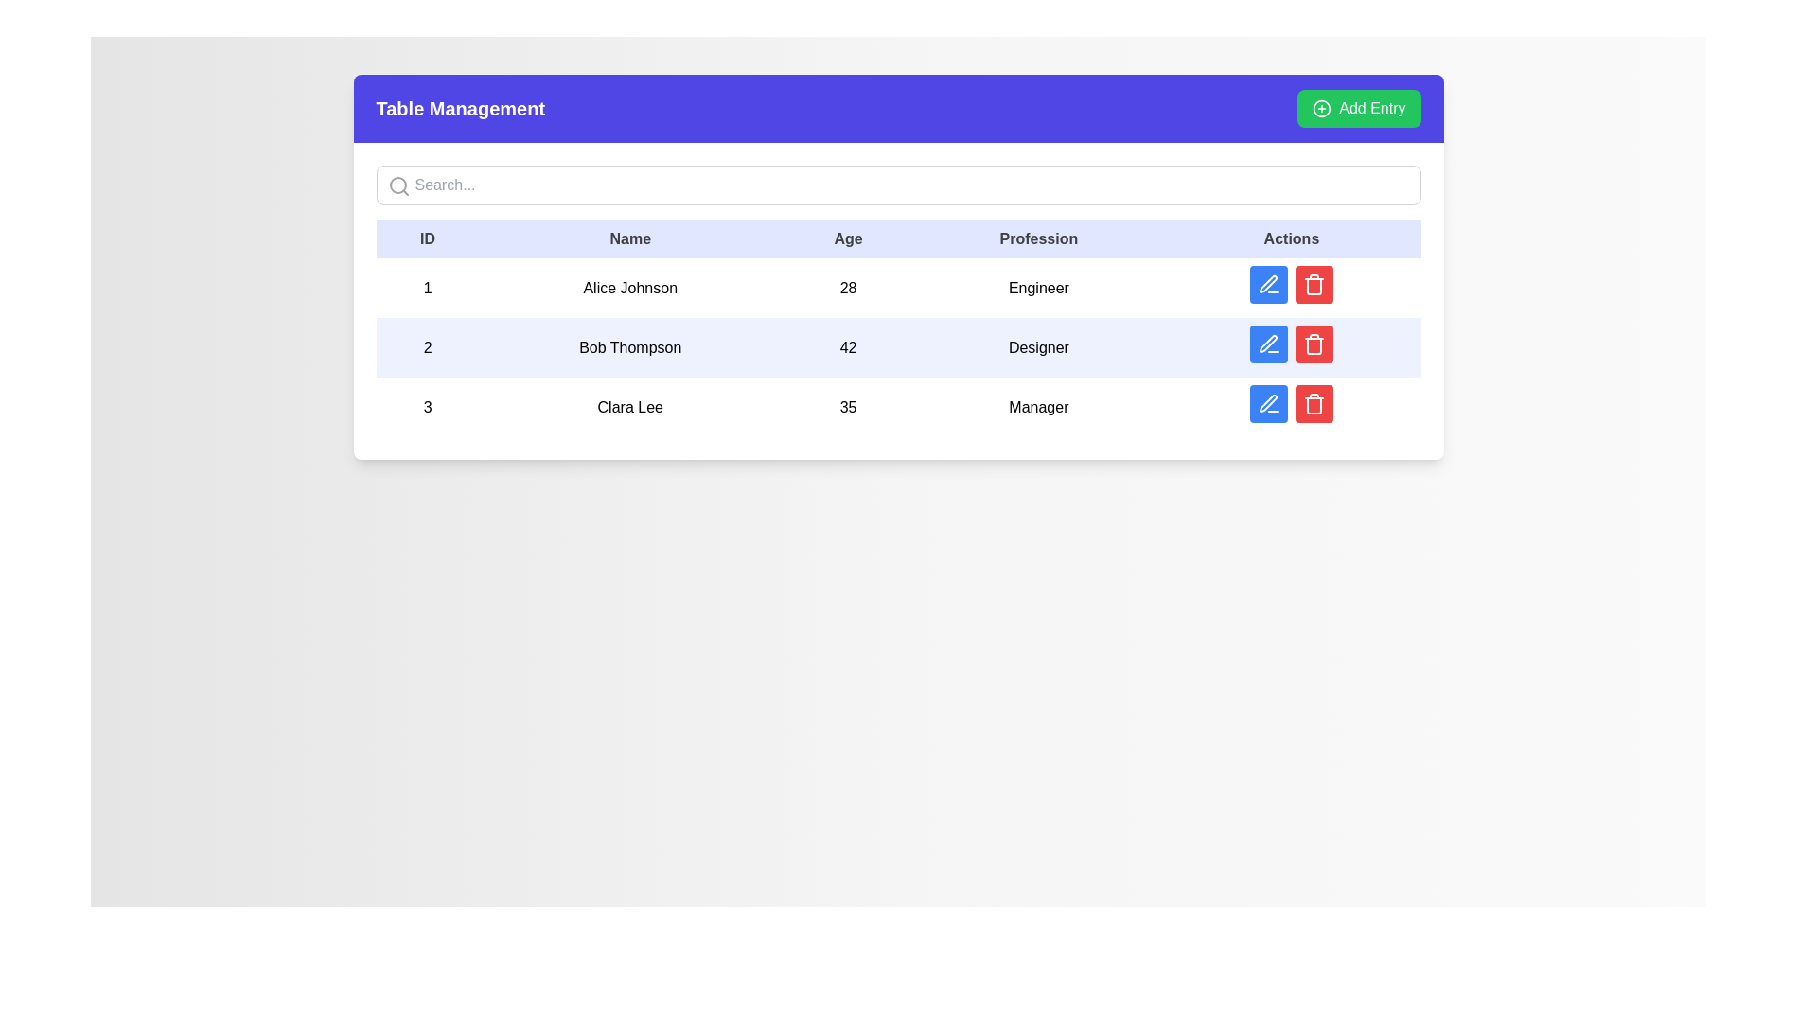 This screenshot has width=1817, height=1022. Describe the element at coordinates (1267, 403) in the screenshot. I see `the 'Edit' button located in the 'Actions' column of the third row in the data table` at that location.